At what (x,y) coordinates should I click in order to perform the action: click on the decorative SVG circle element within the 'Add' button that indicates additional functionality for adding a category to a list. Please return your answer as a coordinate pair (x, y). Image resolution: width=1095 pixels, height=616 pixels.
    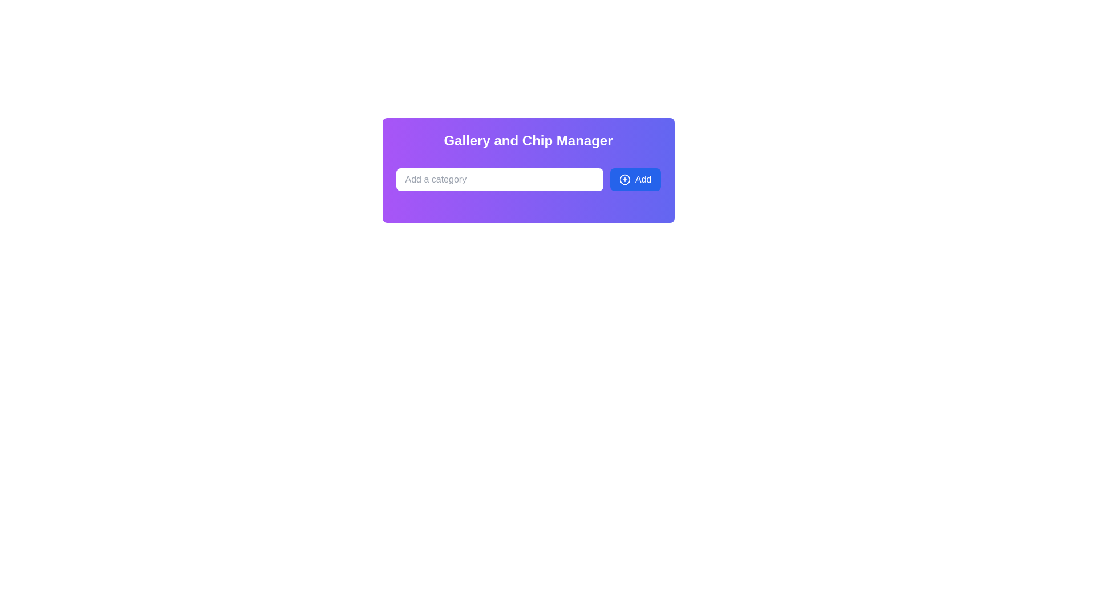
    Looking at the image, I should click on (624, 180).